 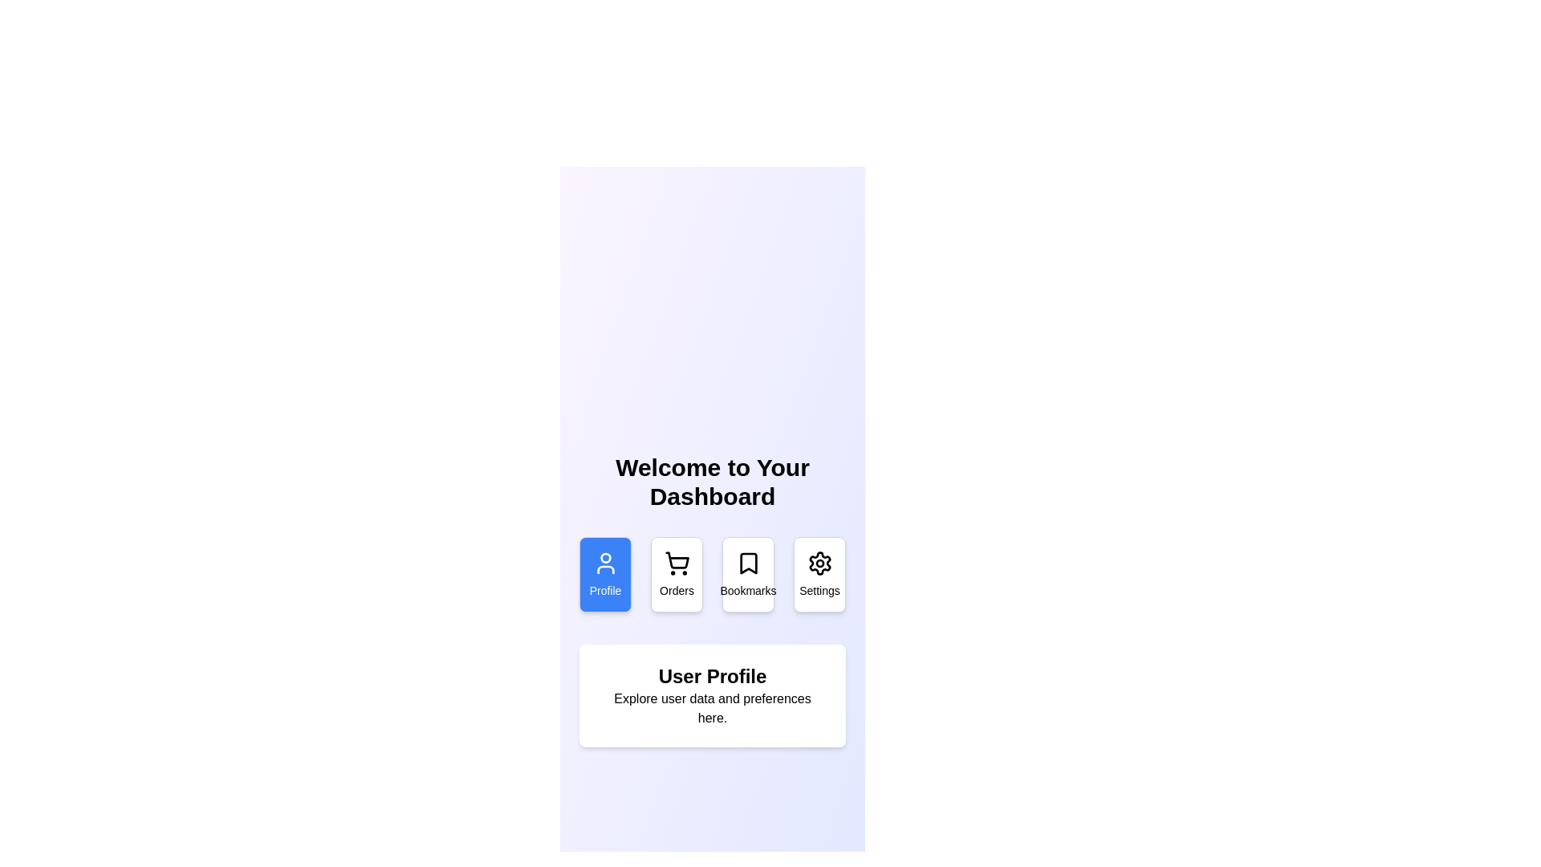 What do you see at coordinates (712, 677) in the screenshot?
I see `the 'User Profile' text label, which is a bold and large-sized text positioned above a smaller description within a prominent card` at bounding box center [712, 677].